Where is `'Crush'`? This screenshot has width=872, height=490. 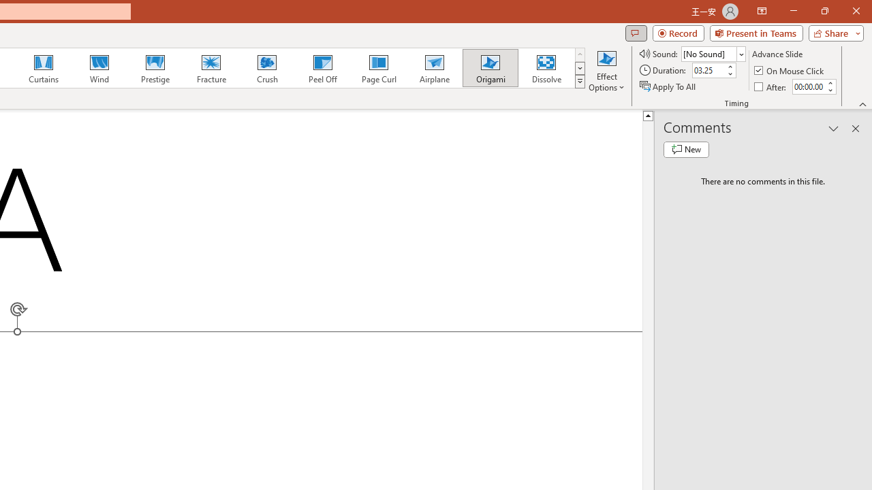
'Crush' is located at coordinates (266, 68).